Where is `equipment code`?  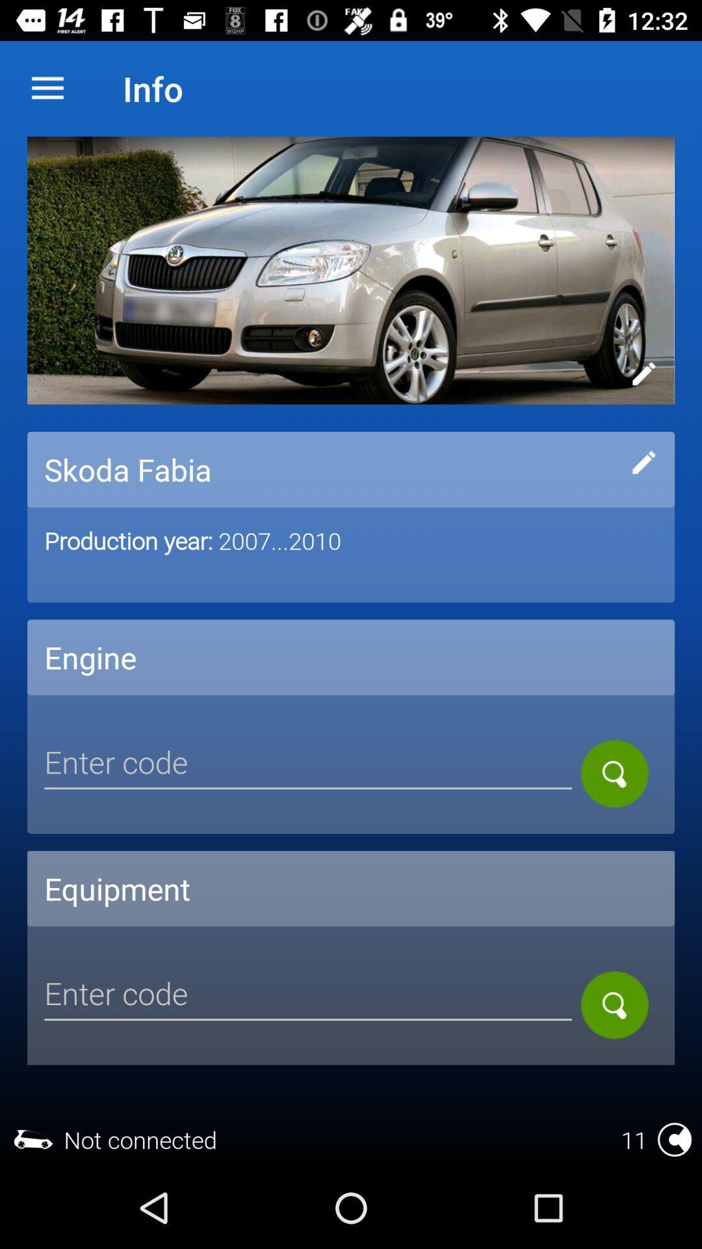 equipment code is located at coordinates (308, 995).